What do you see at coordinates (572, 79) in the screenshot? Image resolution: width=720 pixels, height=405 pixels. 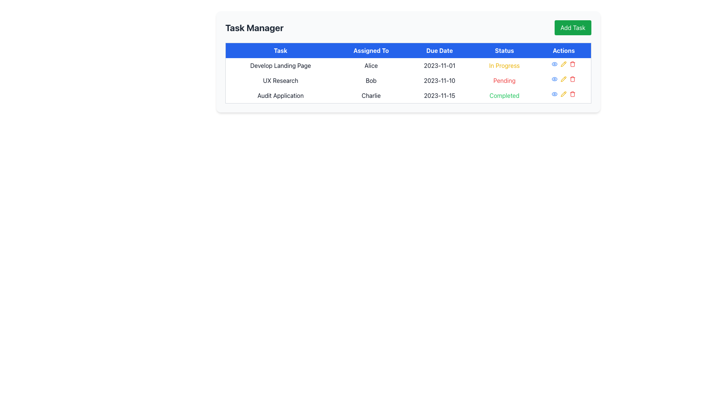 I see `the third interactive icon in the 'Actions' column of the second row to initiate the delete action` at bounding box center [572, 79].